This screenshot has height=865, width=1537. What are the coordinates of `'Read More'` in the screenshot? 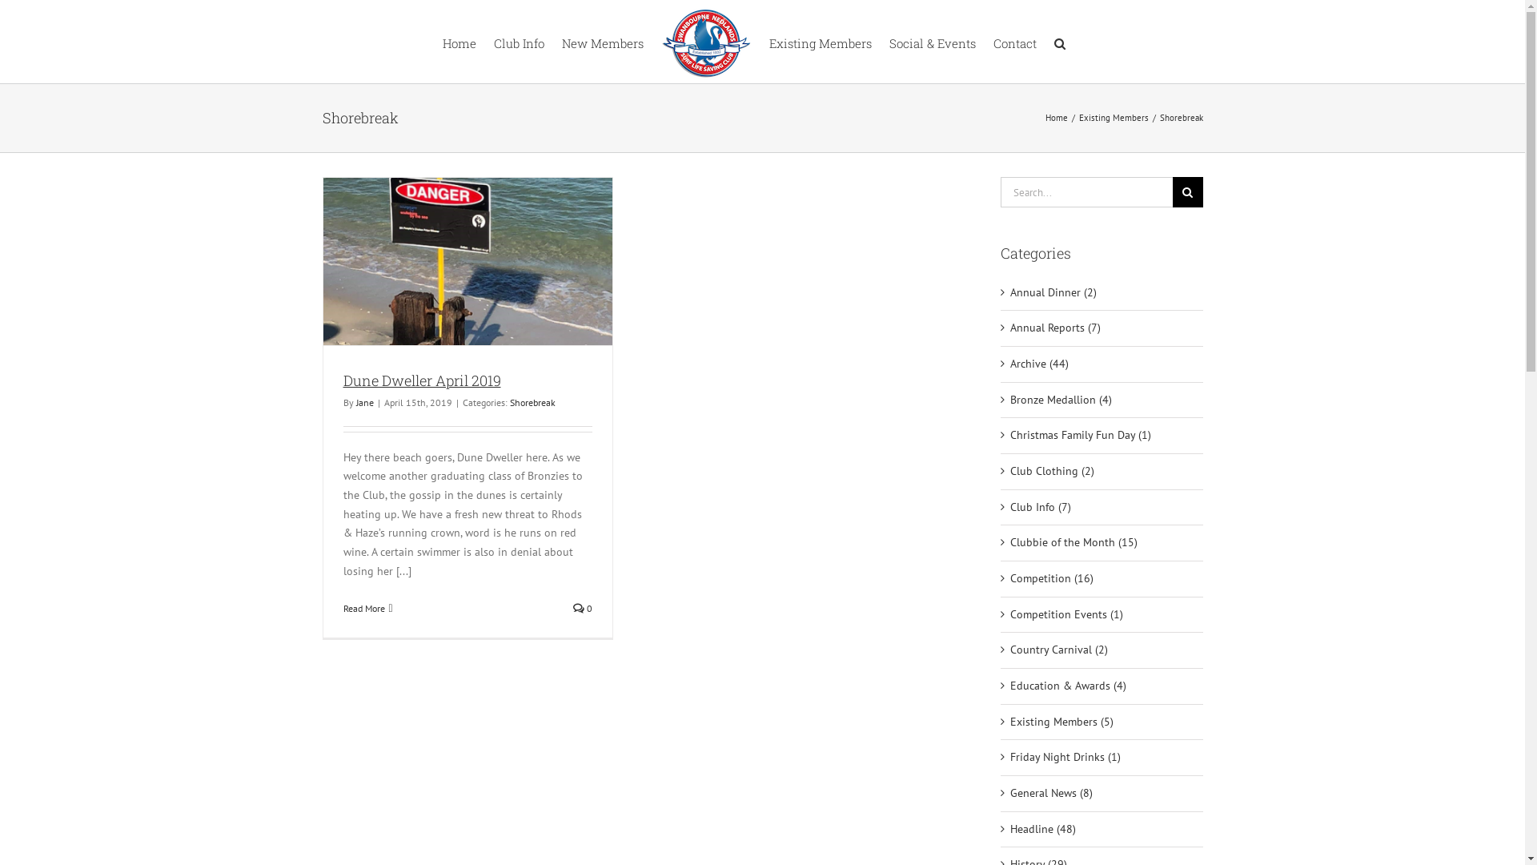 It's located at (363, 608).